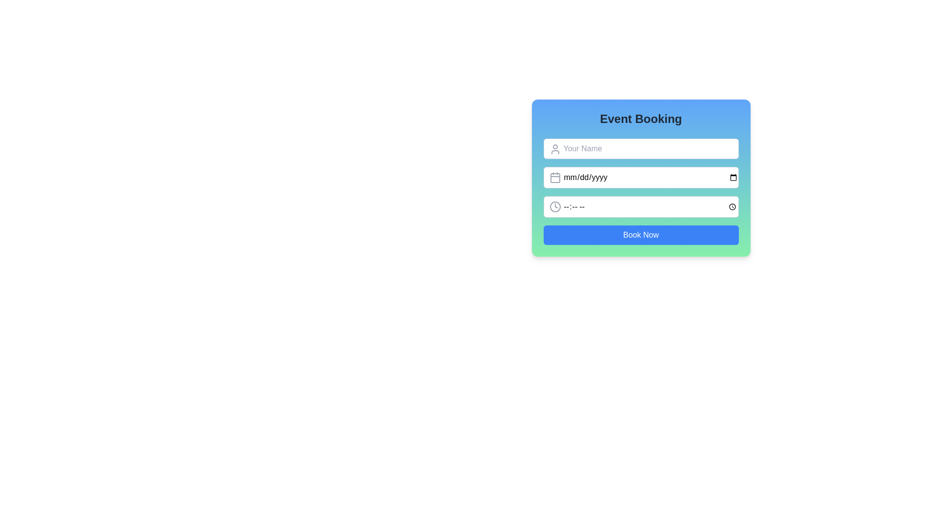 Image resolution: width=937 pixels, height=527 pixels. What do you see at coordinates (641, 118) in the screenshot?
I see `the 'Event Booking' text label, which is prominently displayed at the top of its styled card with a bold font and dark gray color` at bounding box center [641, 118].